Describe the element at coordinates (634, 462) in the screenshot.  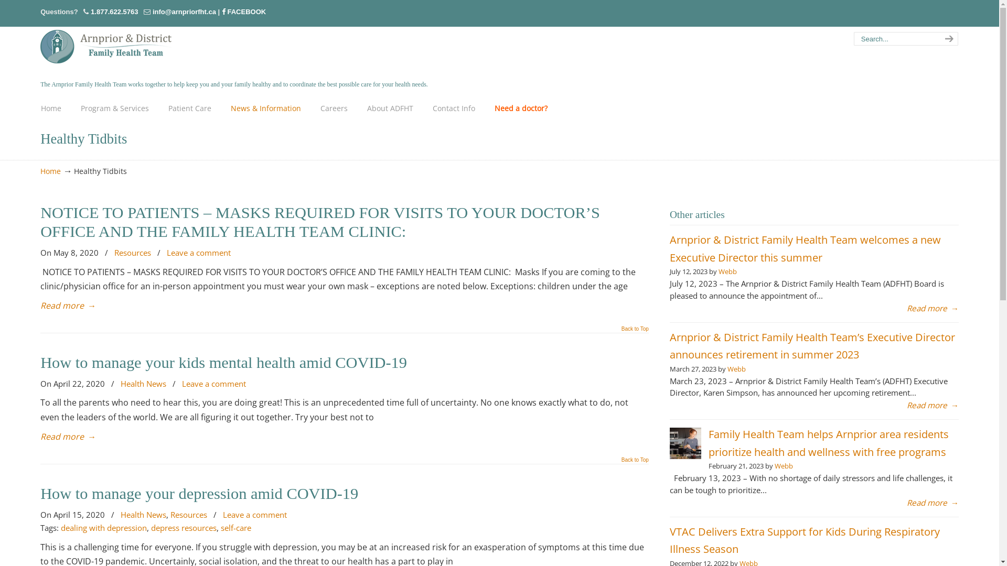
I see `'Back to Top'` at that location.